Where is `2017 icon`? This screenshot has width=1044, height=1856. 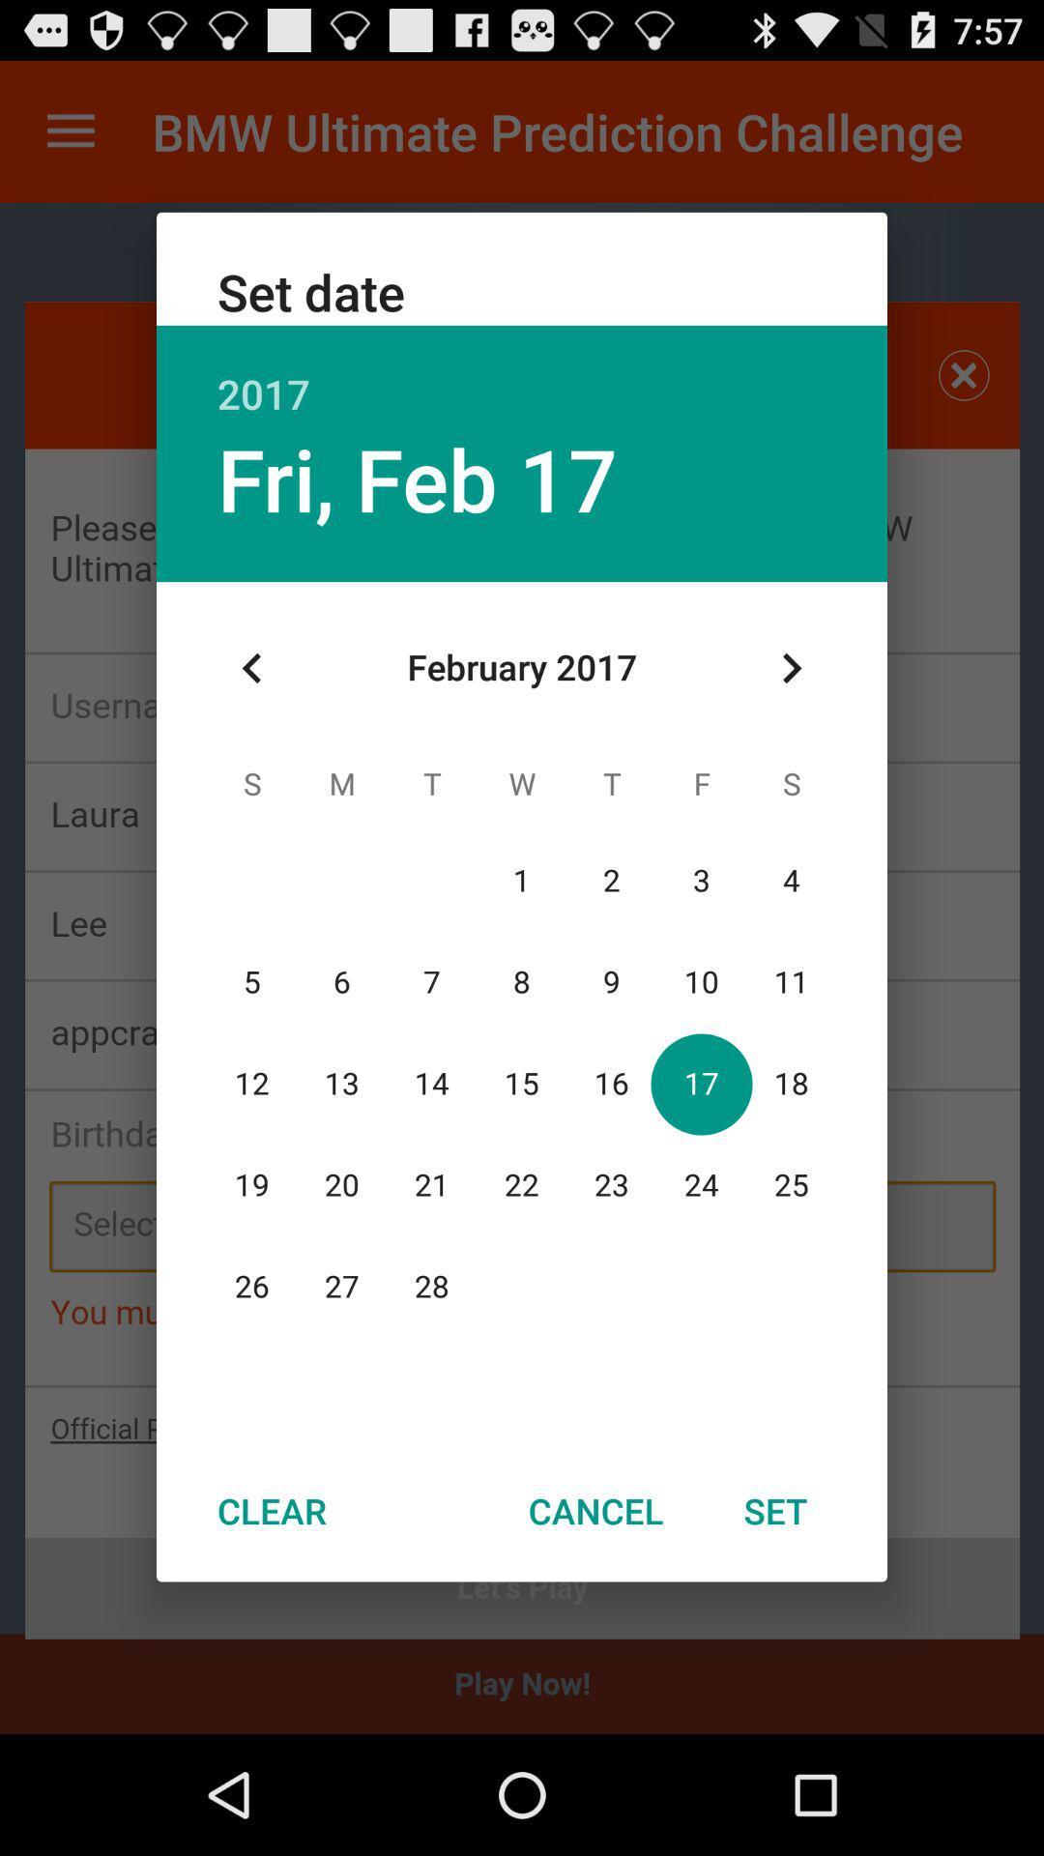
2017 icon is located at coordinates (522, 373).